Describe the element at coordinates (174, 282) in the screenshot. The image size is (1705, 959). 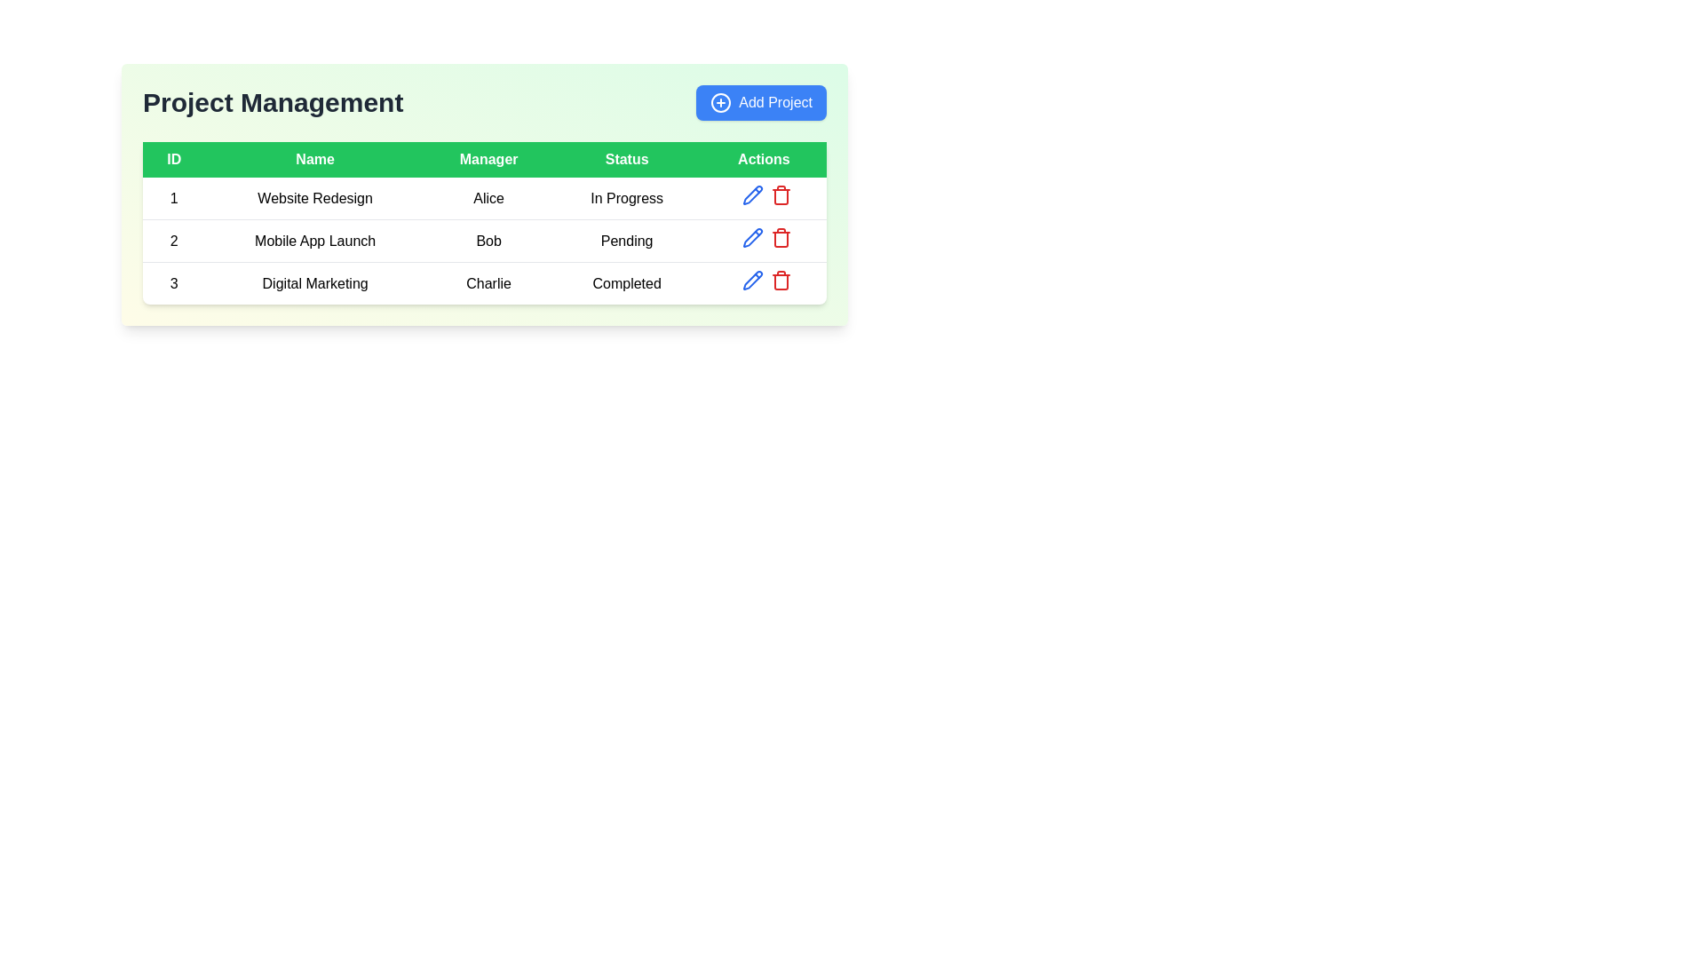
I see `value displayed in the Text Label showing the number '3', which is centered within its rectangular box under the 'ID' column of the project data table` at that location.